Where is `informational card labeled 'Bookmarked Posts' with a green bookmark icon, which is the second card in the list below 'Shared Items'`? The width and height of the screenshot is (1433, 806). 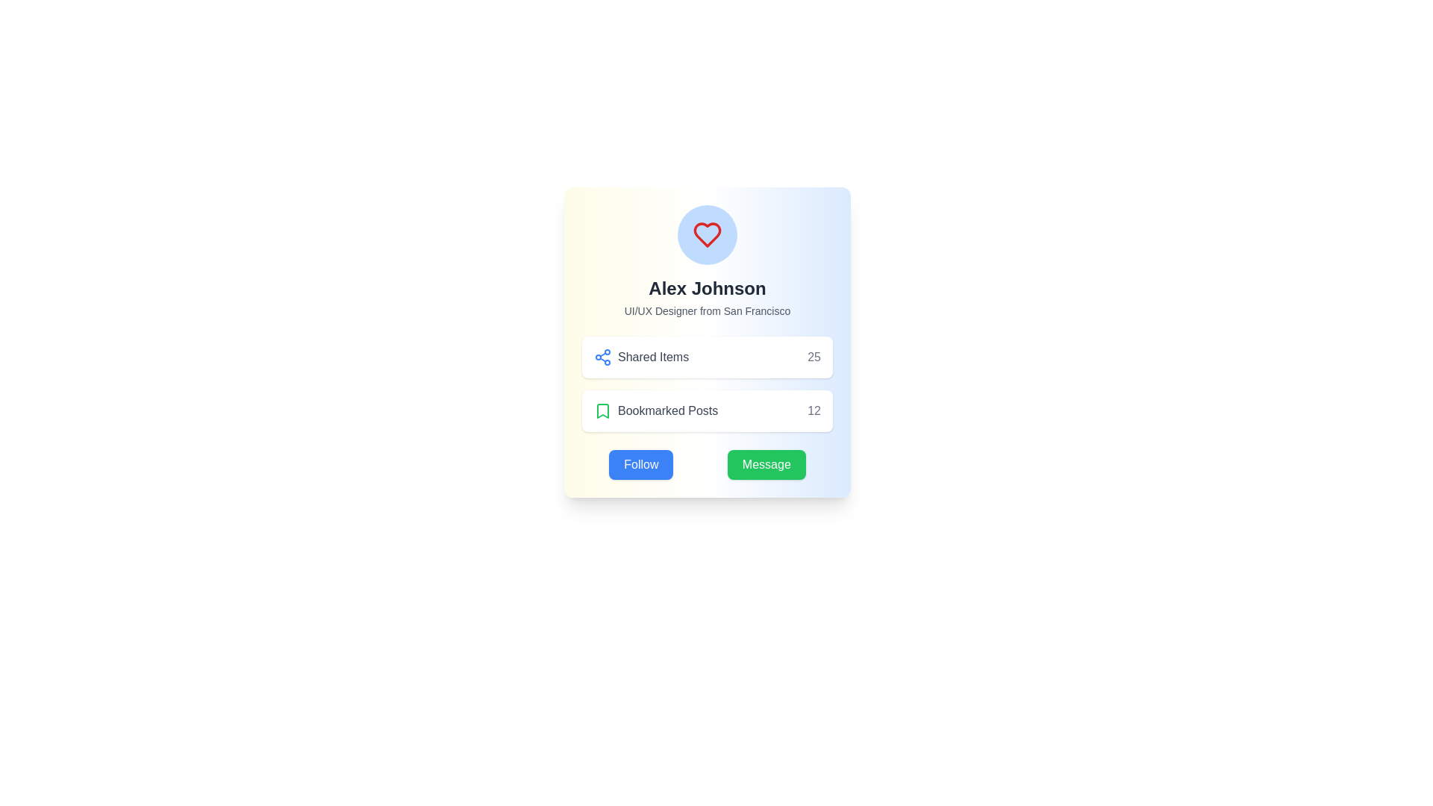 informational card labeled 'Bookmarked Posts' with a green bookmark icon, which is the second card in the list below 'Shared Items' is located at coordinates (707, 411).